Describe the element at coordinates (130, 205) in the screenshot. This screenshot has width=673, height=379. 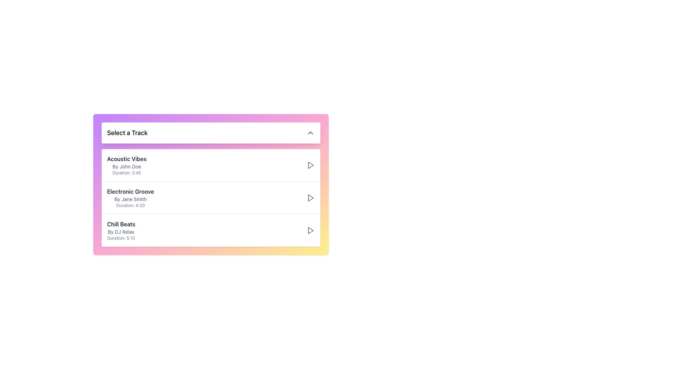
I see `the static text label displaying 'Duration: 4:20' which is located beneath 'By Jane Smith' in the 'Electronic Groove' group` at that location.